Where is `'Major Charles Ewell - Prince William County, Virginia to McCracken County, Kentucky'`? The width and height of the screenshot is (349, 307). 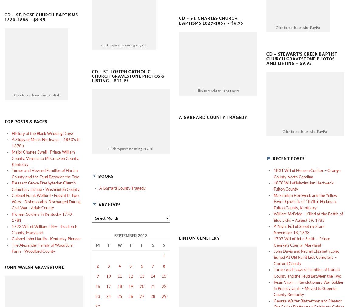 'Major Charles Ewell - Prince William County, Virginia to McCracken County, Kentucky' is located at coordinates (11, 148).